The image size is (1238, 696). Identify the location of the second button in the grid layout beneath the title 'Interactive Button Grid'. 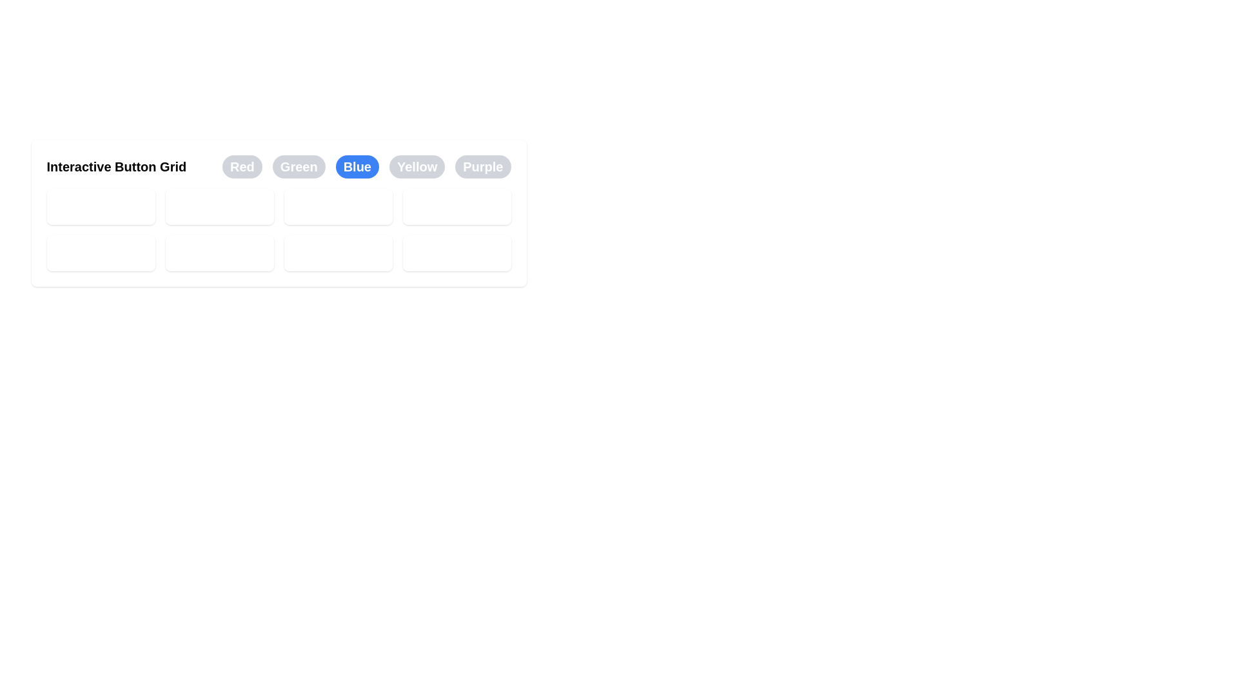
(219, 206).